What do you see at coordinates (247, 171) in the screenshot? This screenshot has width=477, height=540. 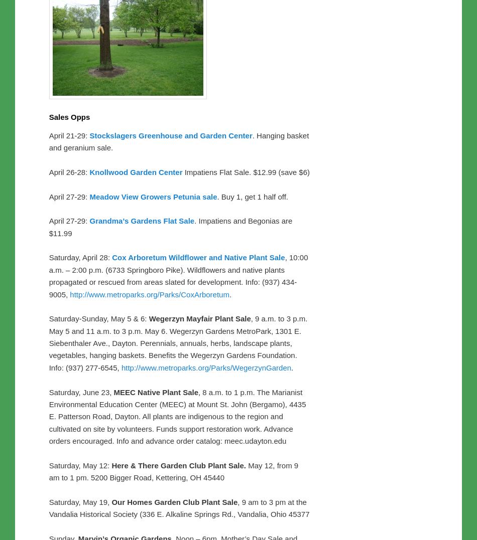 I see `'Impatiens Flat Sale. $12.99 (save $6)'` at bounding box center [247, 171].